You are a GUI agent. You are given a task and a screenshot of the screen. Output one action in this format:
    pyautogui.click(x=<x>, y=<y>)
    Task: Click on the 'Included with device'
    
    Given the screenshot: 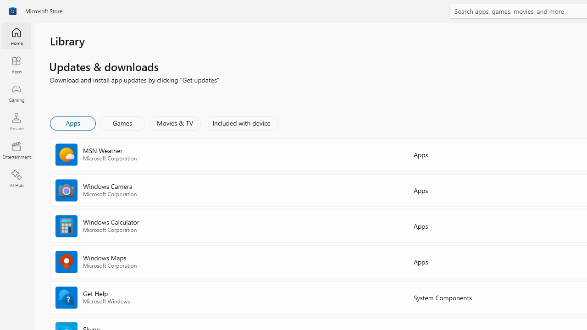 What is the action you would take?
    pyautogui.click(x=241, y=122)
    